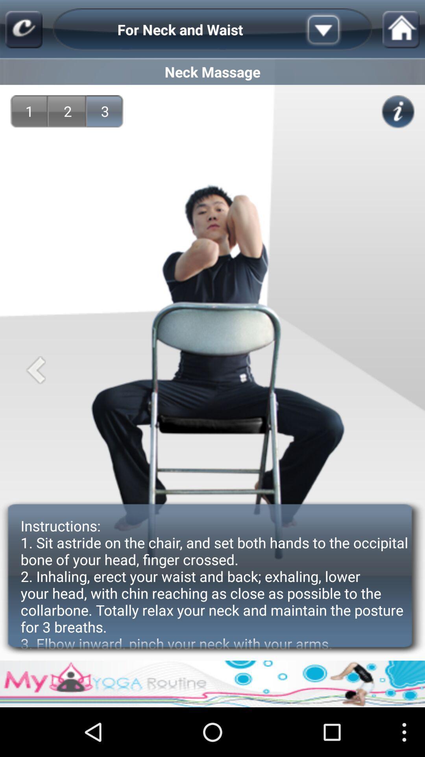  Describe the element at coordinates (336, 30) in the screenshot. I see `the item next to the for neck and app` at that location.